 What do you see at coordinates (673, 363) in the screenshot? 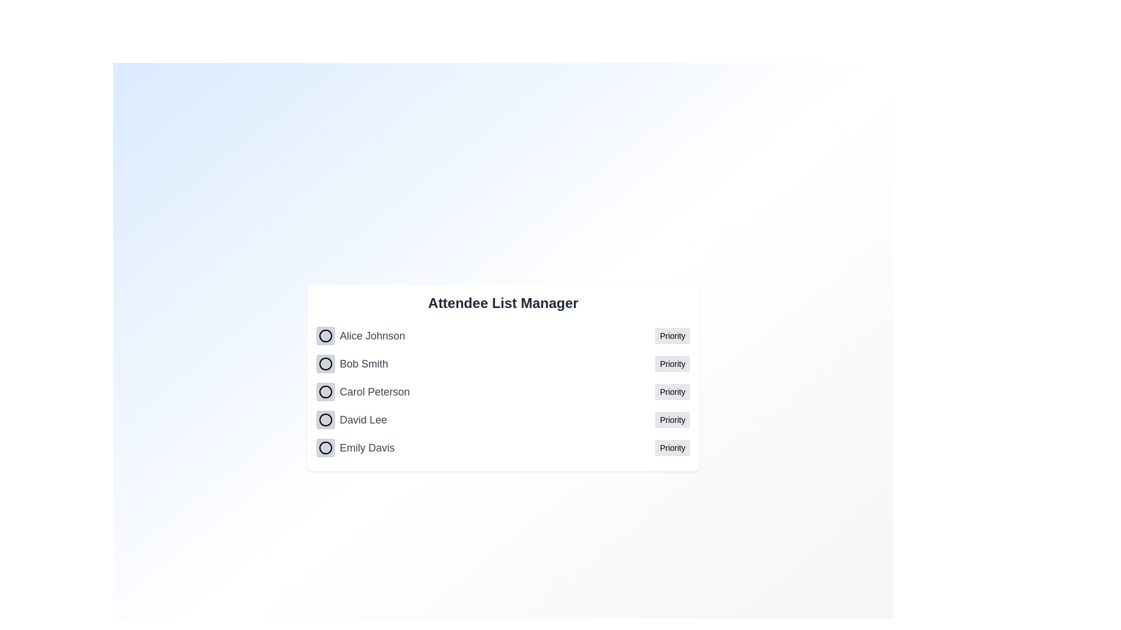
I see `the priority status for Bob Smith by clicking the 'Priority' button next to their name` at bounding box center [673, 363].